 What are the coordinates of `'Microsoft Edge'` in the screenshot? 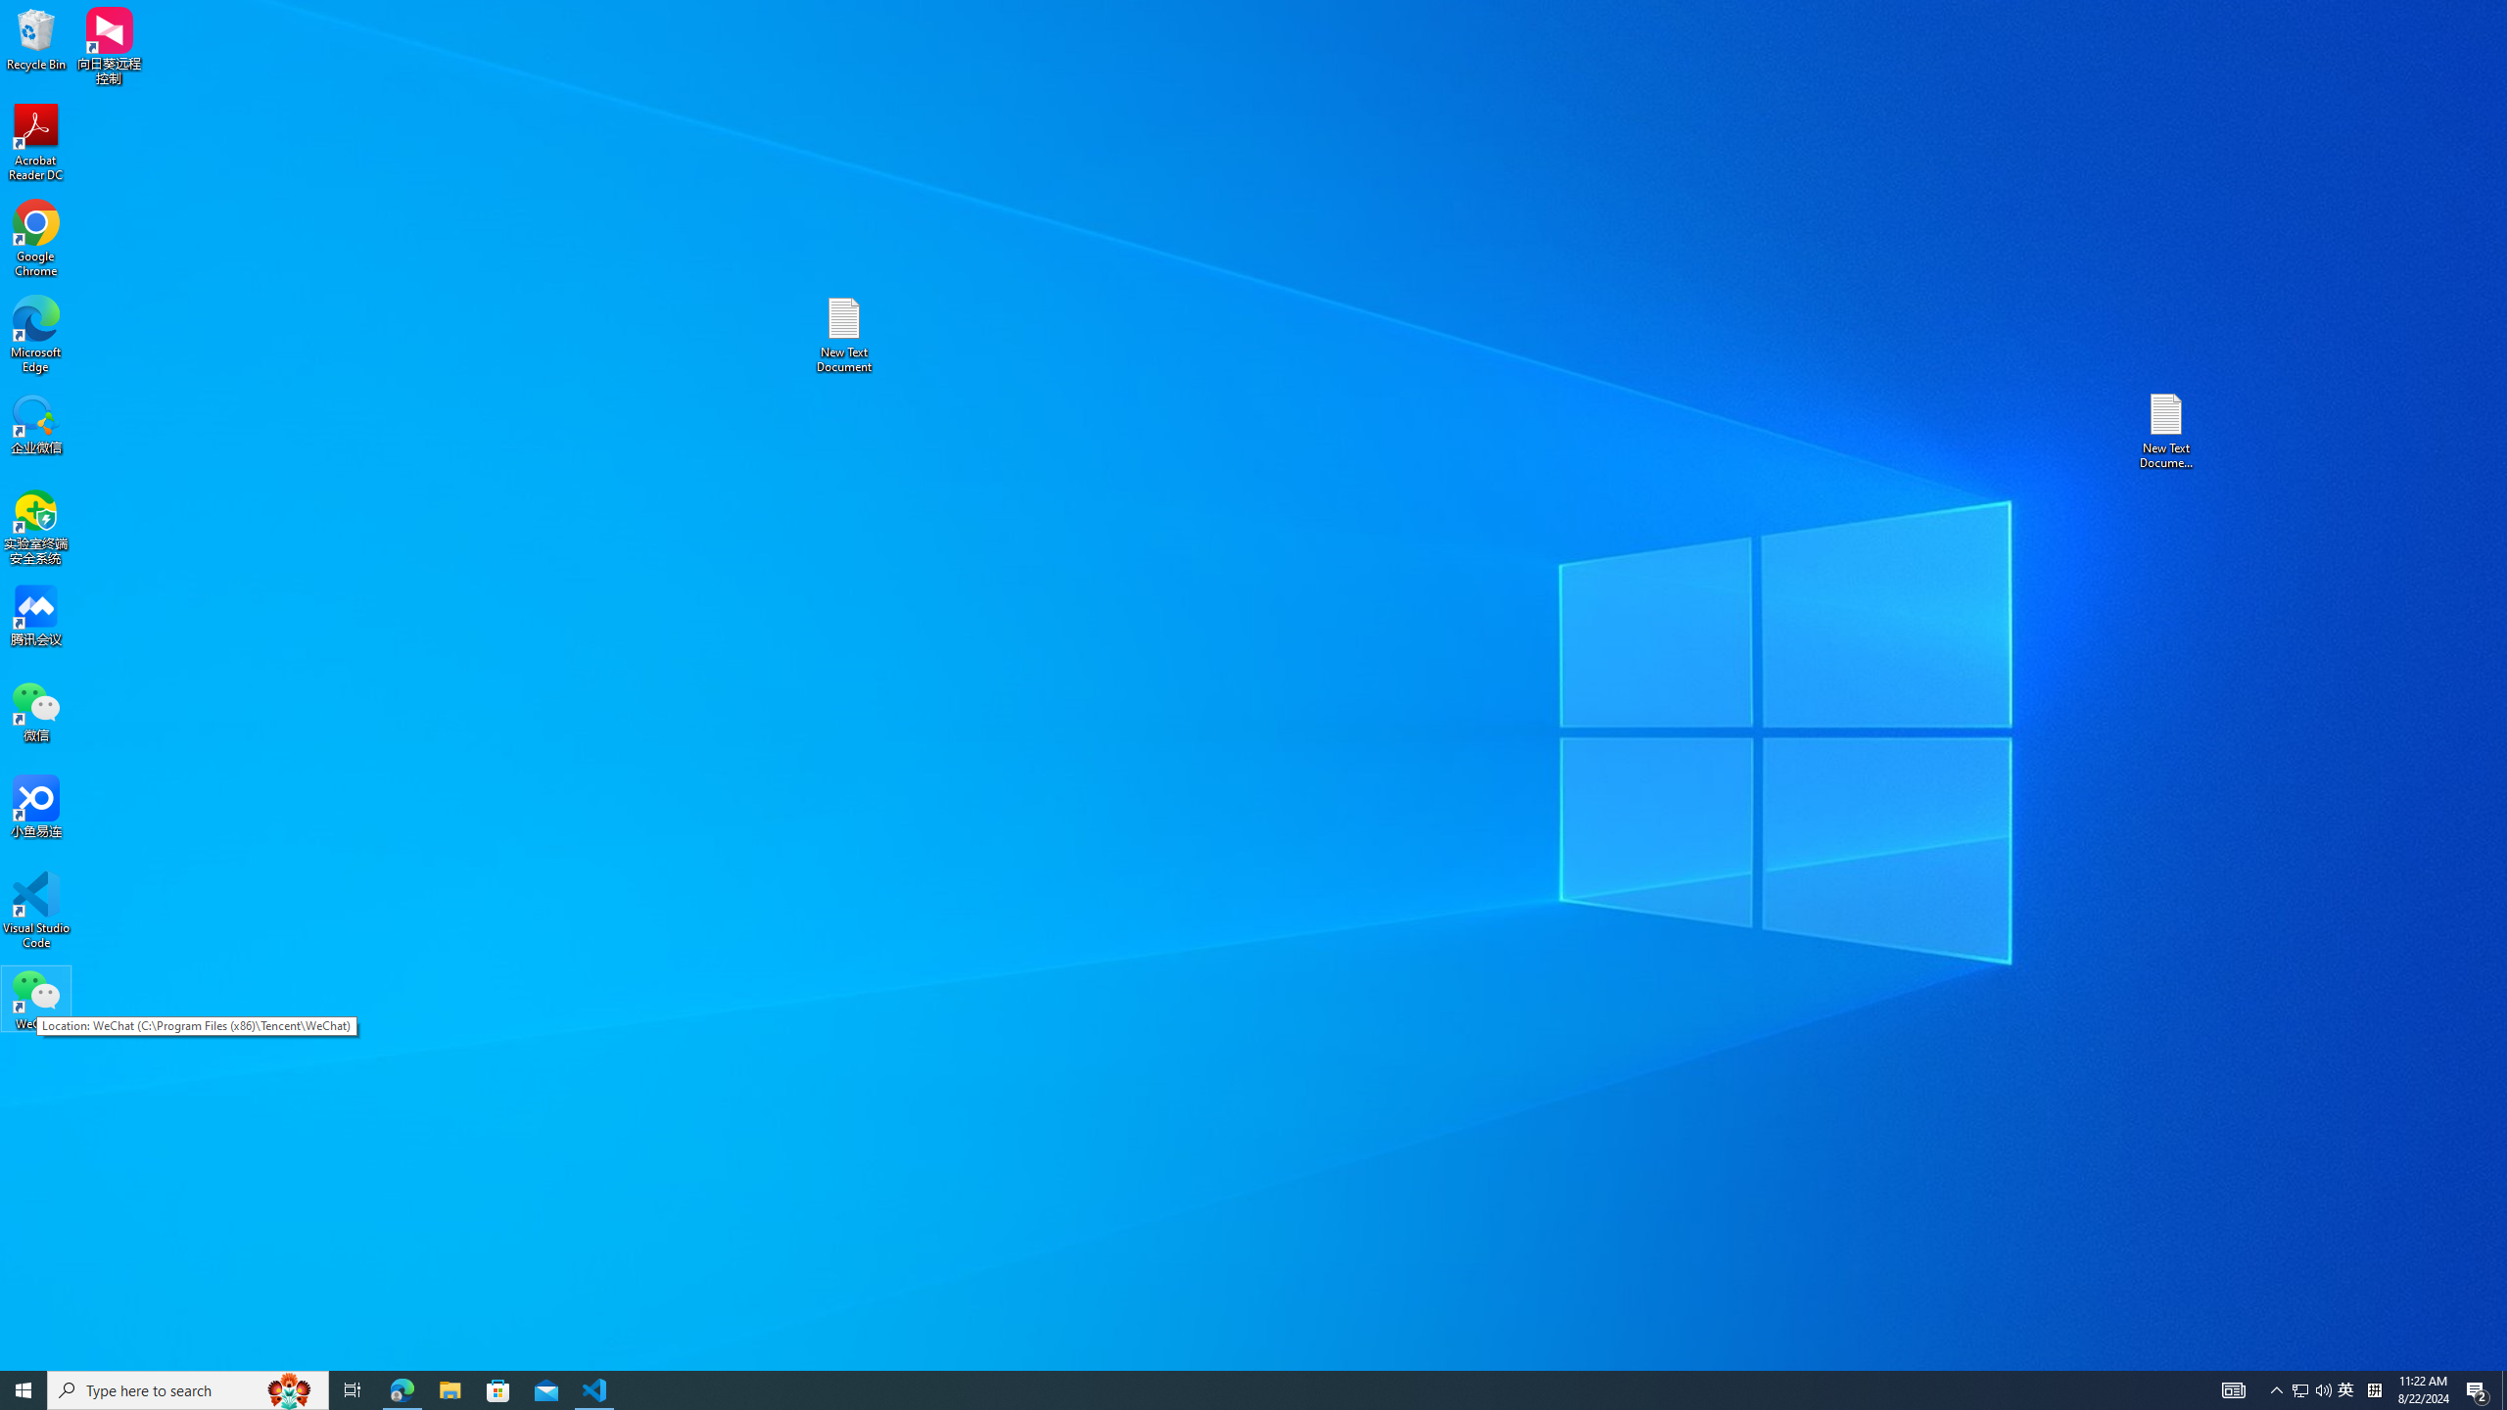 It's located at (35, 334).